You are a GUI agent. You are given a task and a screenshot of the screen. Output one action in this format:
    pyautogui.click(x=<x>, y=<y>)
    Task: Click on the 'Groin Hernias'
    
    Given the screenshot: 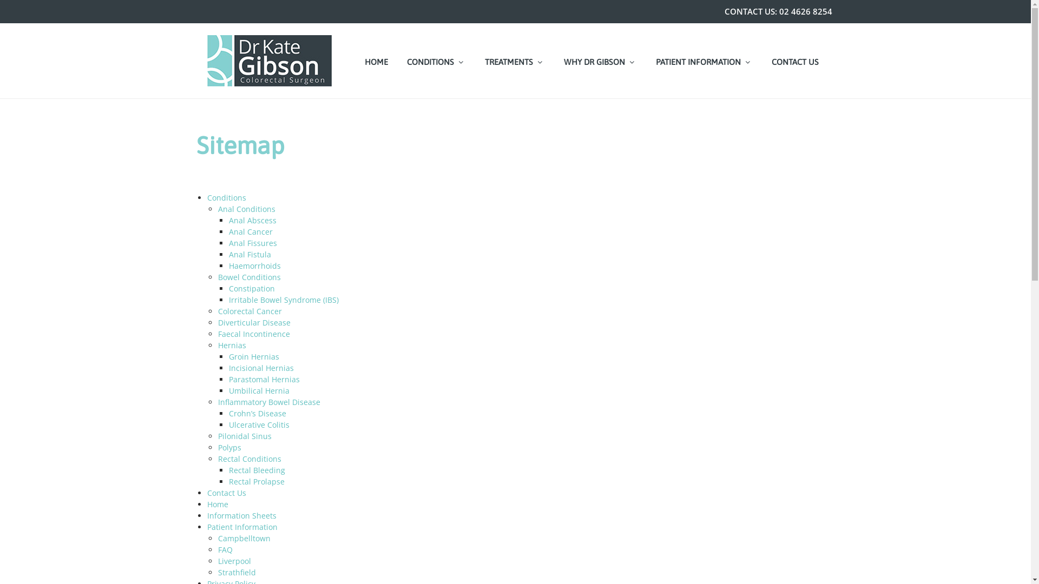 What is the action you would take?
    pyautogui.click(x=253, y=356)
    